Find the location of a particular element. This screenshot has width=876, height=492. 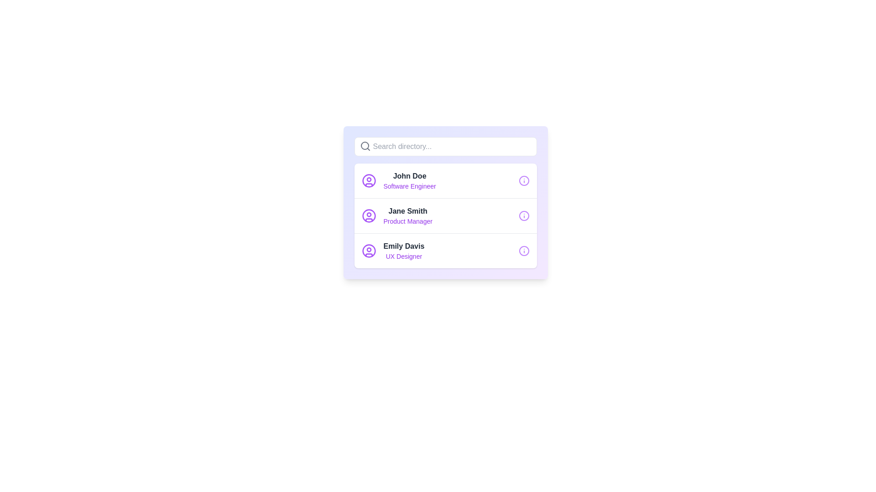

static text label indicating the professional role 'UX Designer' of Emily Davis, which is located directly below her name in the third entry of the vertical profile list is located at coordinates (403, 256).